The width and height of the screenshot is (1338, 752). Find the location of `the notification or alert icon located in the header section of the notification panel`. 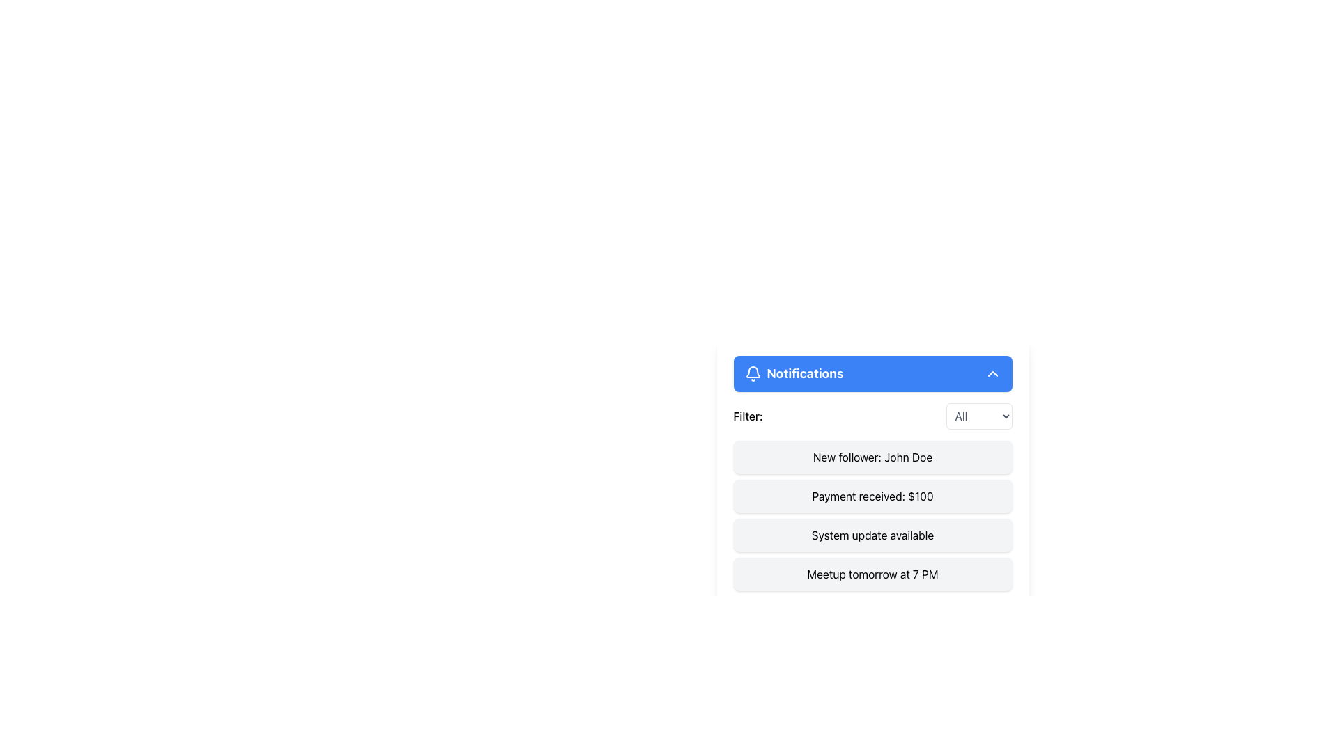

the notification or alert icon located in the header section of the notification panel is located at coordinates (752, 371).